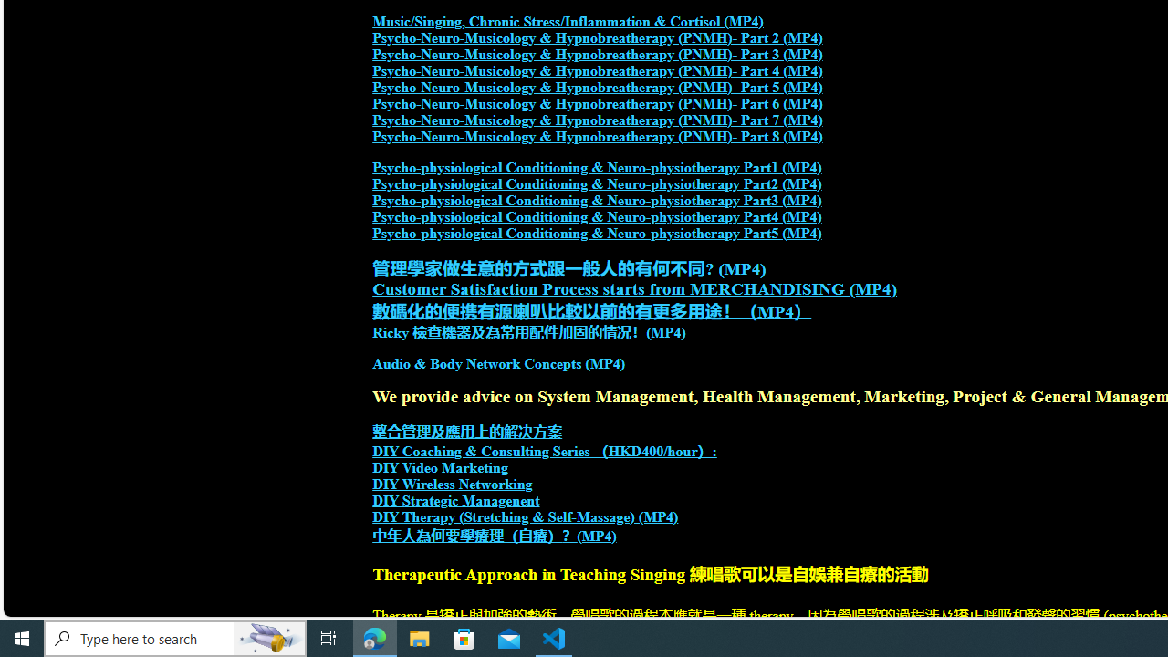 This screenshot has height=657, width=1168. What do you see at coordinates (597, 535) in the screenshot?
I see `'(MP4)'` at bounding box center [597, 535].